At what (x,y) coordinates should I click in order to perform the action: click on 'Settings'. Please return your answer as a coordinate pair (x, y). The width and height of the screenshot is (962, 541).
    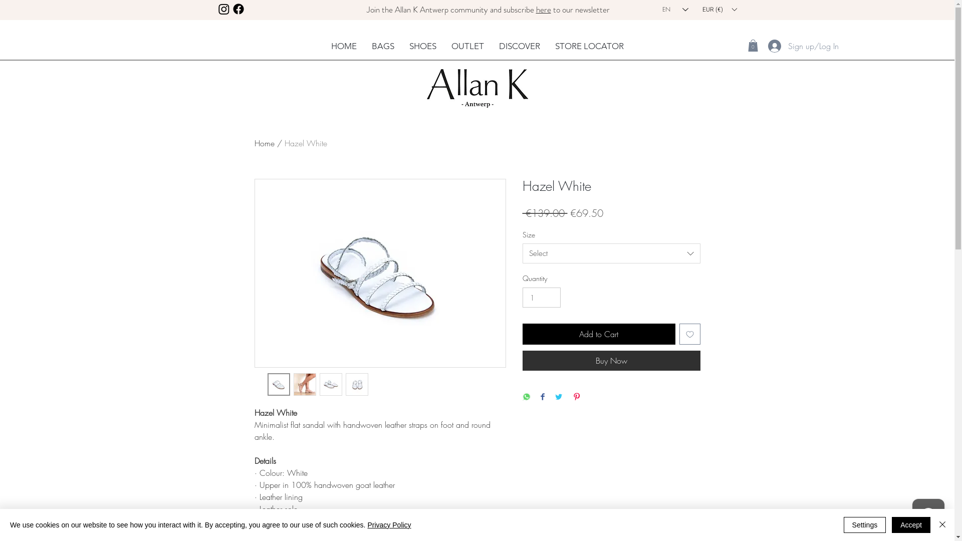
    Looking at the image, I should click on (864, 524).